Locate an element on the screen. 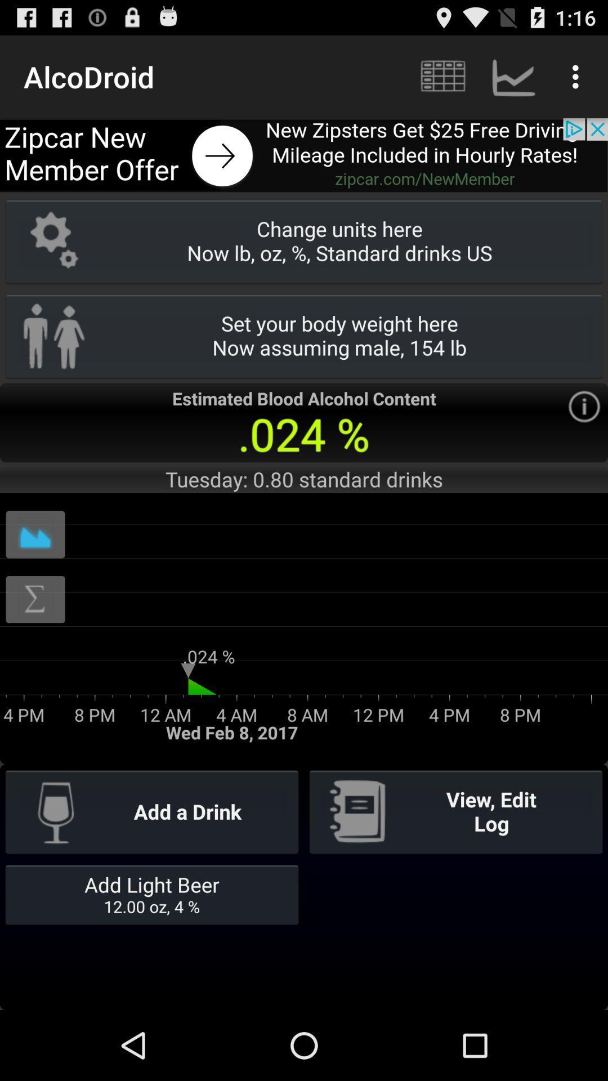 The width and height of the screenshot is (608, 1081). open advertisement is located at coordinates (304, 154).